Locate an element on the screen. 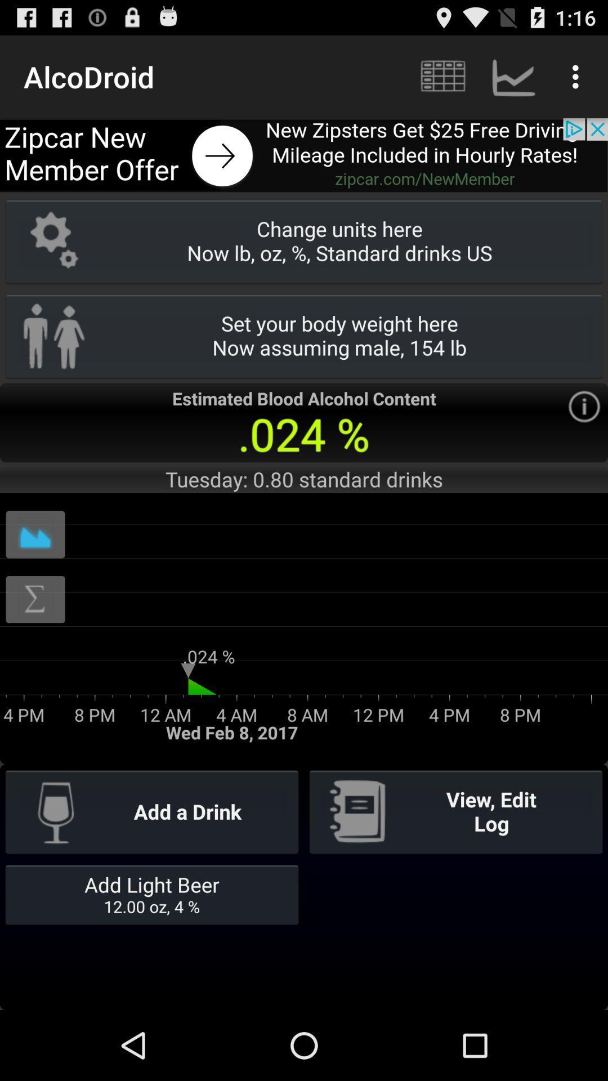 The width and height of the screenshot is (608, 1081). open advertisement is located at coordinates (304, 154).